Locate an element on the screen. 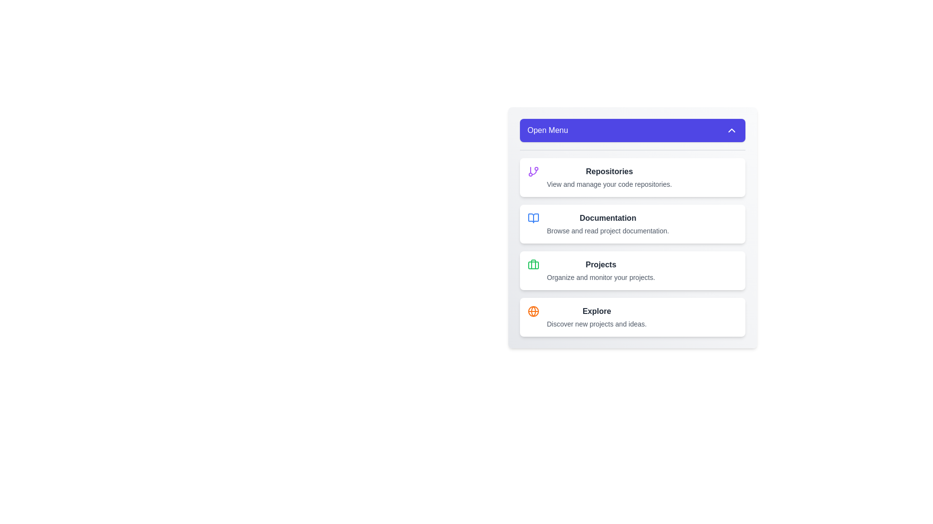 This screenshot has width=933, height=524. the Text label that provides context for the 'Explore' menu option, located in the bottom-right portion of the menu panel, directly below the title 'Explore.' is located at coordinates (596, 324).